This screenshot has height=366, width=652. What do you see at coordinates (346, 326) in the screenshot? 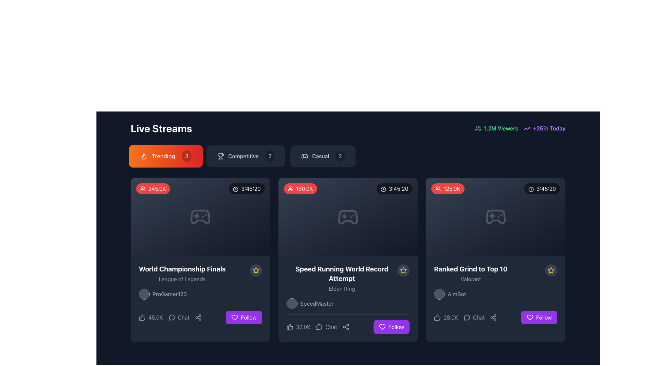
I see `the share button located in the toolbar beneath the 'Speed Running World Record Attempt' card, positioned between the 'Chat' and 'Follow' buttons` at bounding box center [346, 326].